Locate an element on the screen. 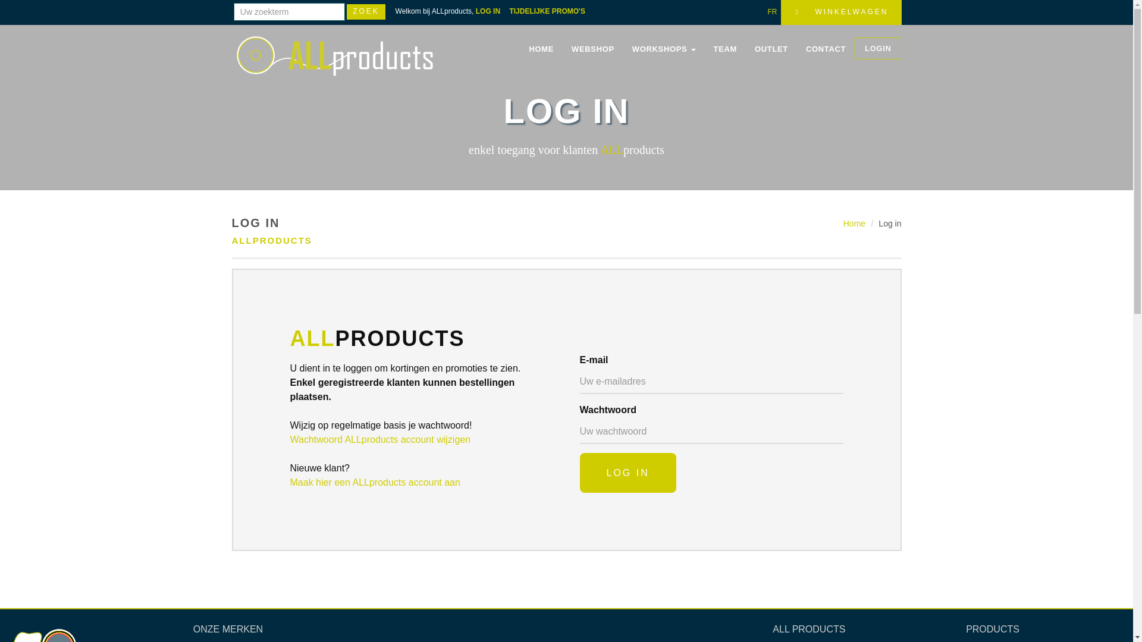 This screenshot has width=1142, height=642. 'LOGIN' is located at coordinates (878, 48).